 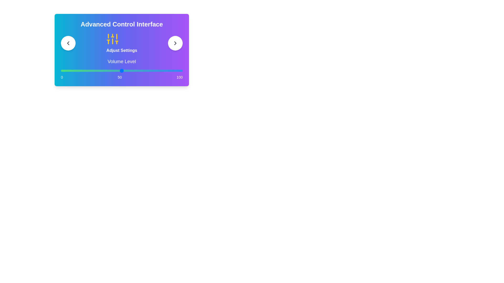 I want to click on the slider to set the value to 76, so click(x=153, y=71).